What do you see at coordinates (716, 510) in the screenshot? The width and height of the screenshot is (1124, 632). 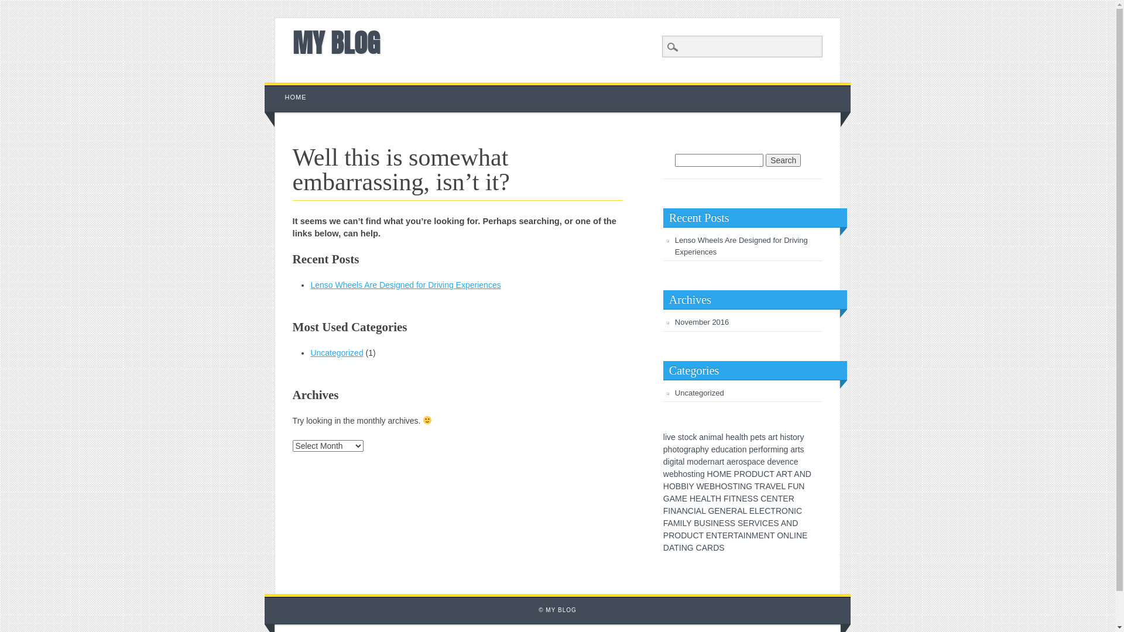 I see `'E'` at bounding box center [716, 510].